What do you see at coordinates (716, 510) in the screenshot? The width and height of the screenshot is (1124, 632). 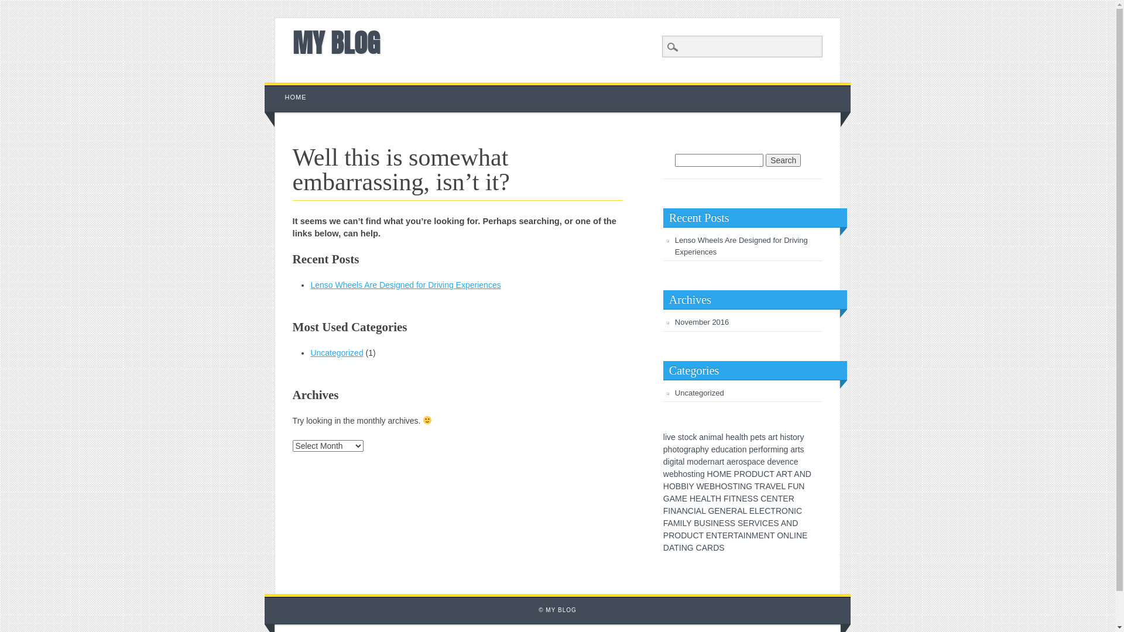 I see `'E'` at bounding box center [716, 510].